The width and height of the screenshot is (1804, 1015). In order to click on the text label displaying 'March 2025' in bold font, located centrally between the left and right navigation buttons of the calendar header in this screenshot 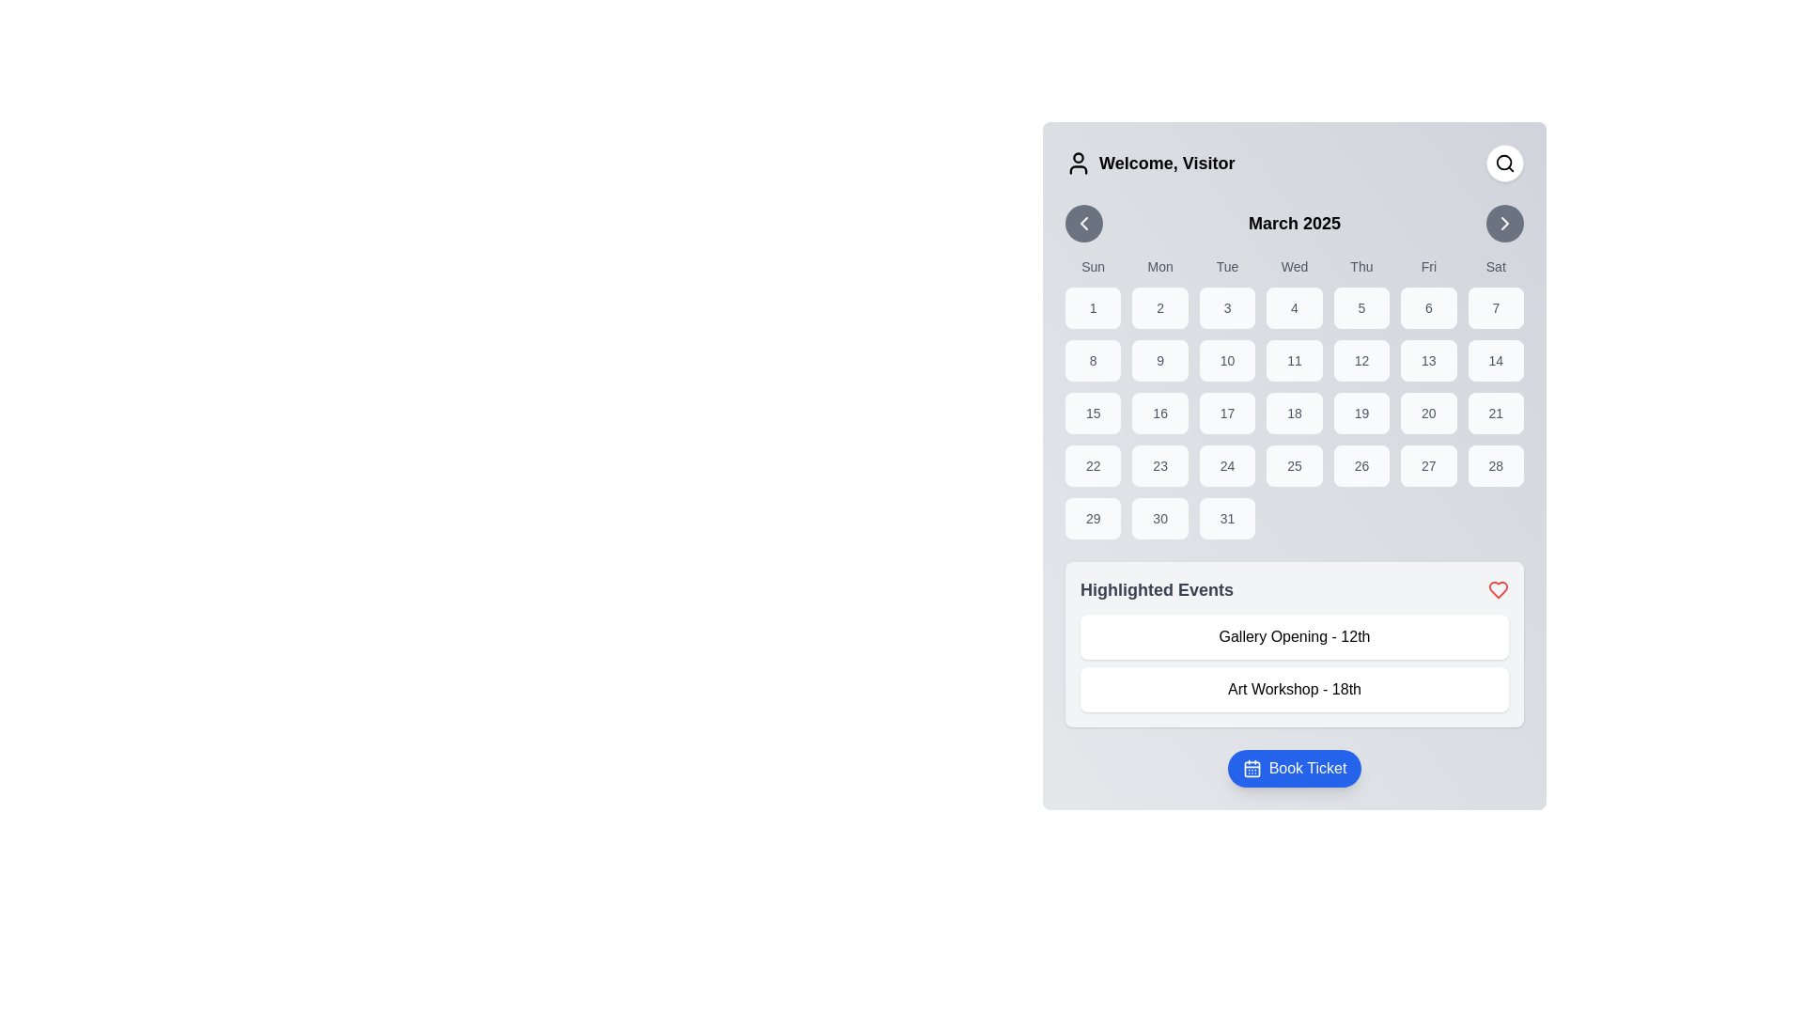, I will do `click(1293, 223)`.